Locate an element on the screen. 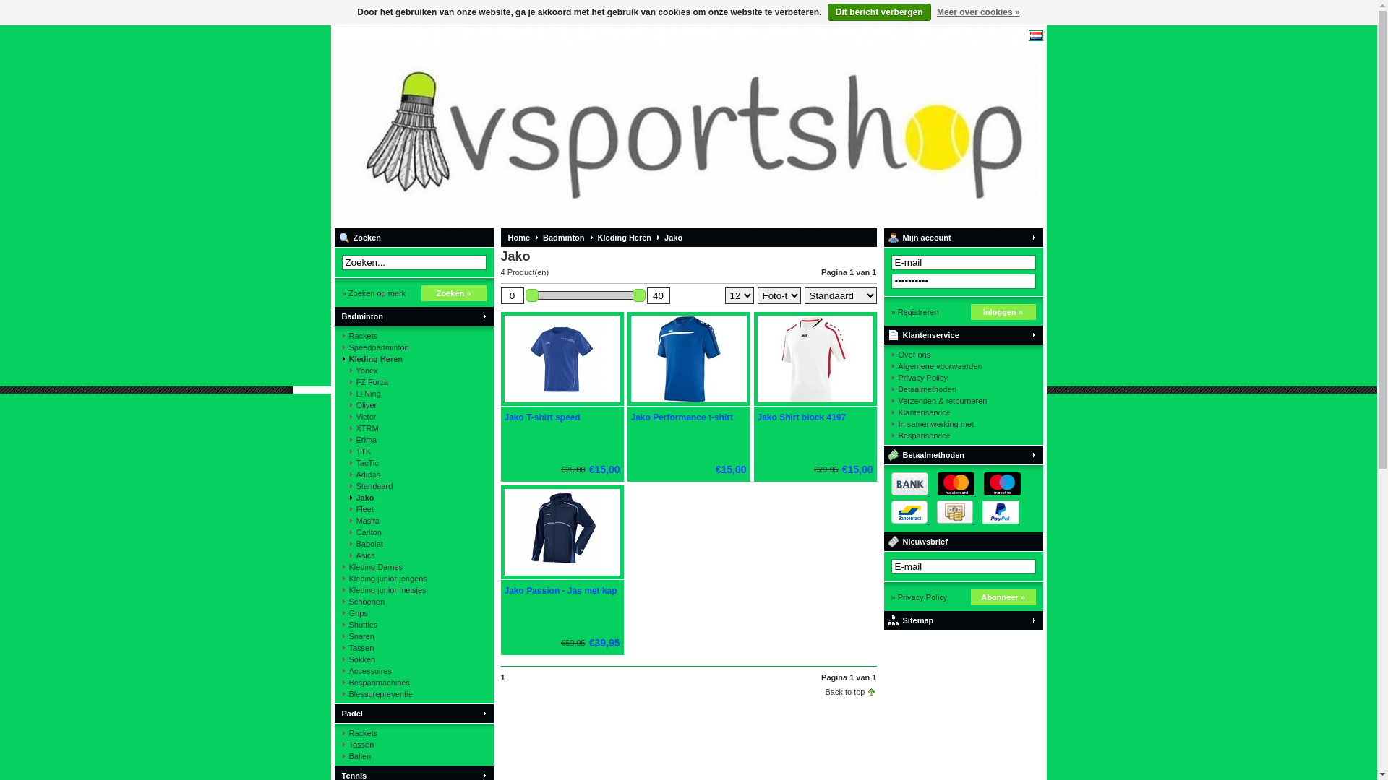 The width and height of the screenshot is (1388, 780). 'Padel' is located at coordinates (412, 712).